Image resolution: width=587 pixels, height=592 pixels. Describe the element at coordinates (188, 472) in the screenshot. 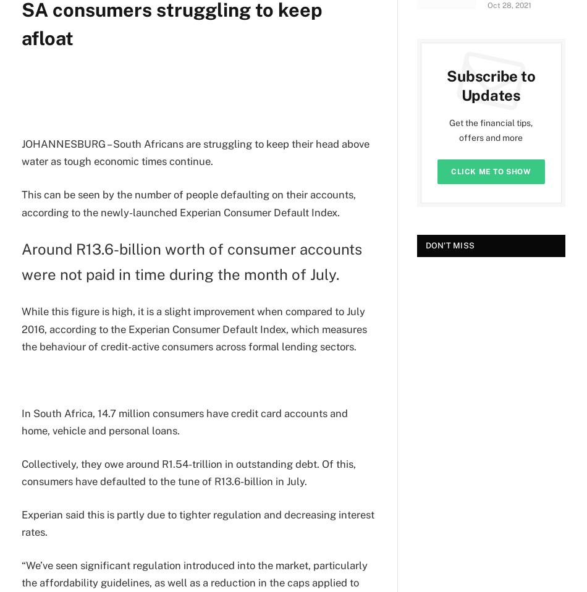

I see `'Collectively, they owe around R1.54-trillion in outstanding debt. Of this, consumers have defaulted to the tune of R13.6-billion in July.'` at that location.